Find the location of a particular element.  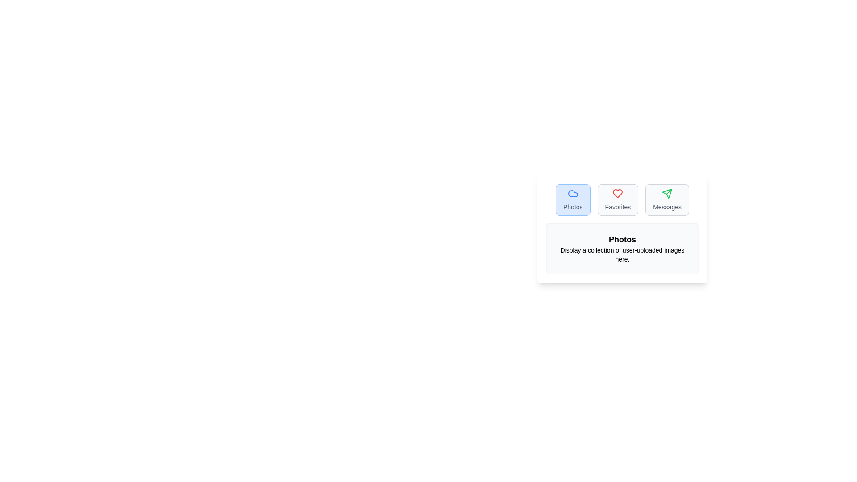

static informational text located below the 'Photos' header for debugging purposes is located at coordinates (622, 254).